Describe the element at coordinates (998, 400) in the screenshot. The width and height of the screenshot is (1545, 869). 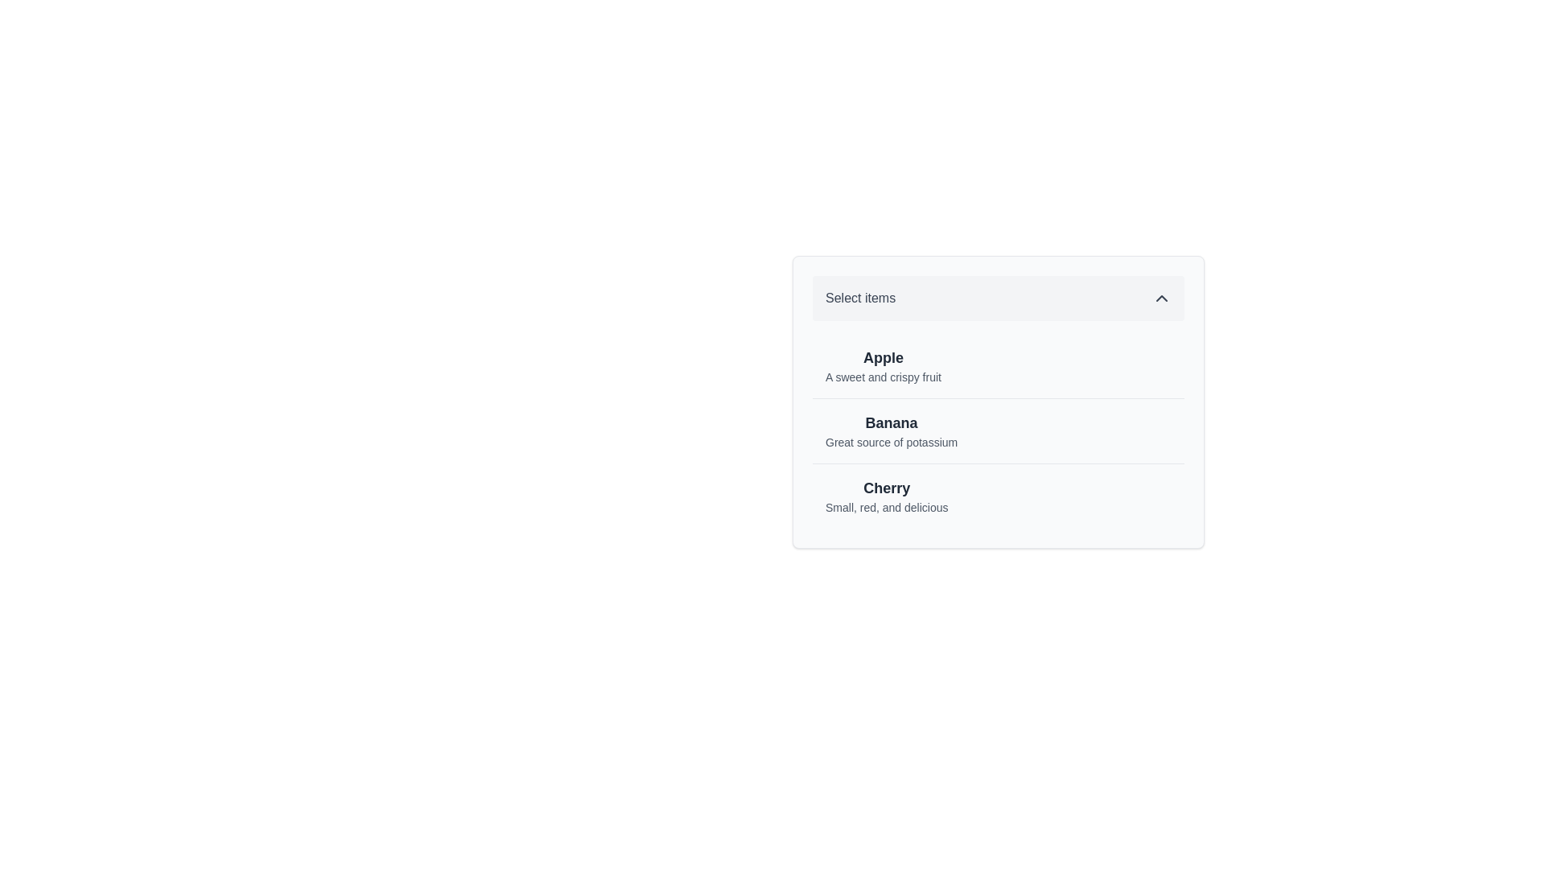
I see `the selectable list item displaying 'Banana'` at that location.